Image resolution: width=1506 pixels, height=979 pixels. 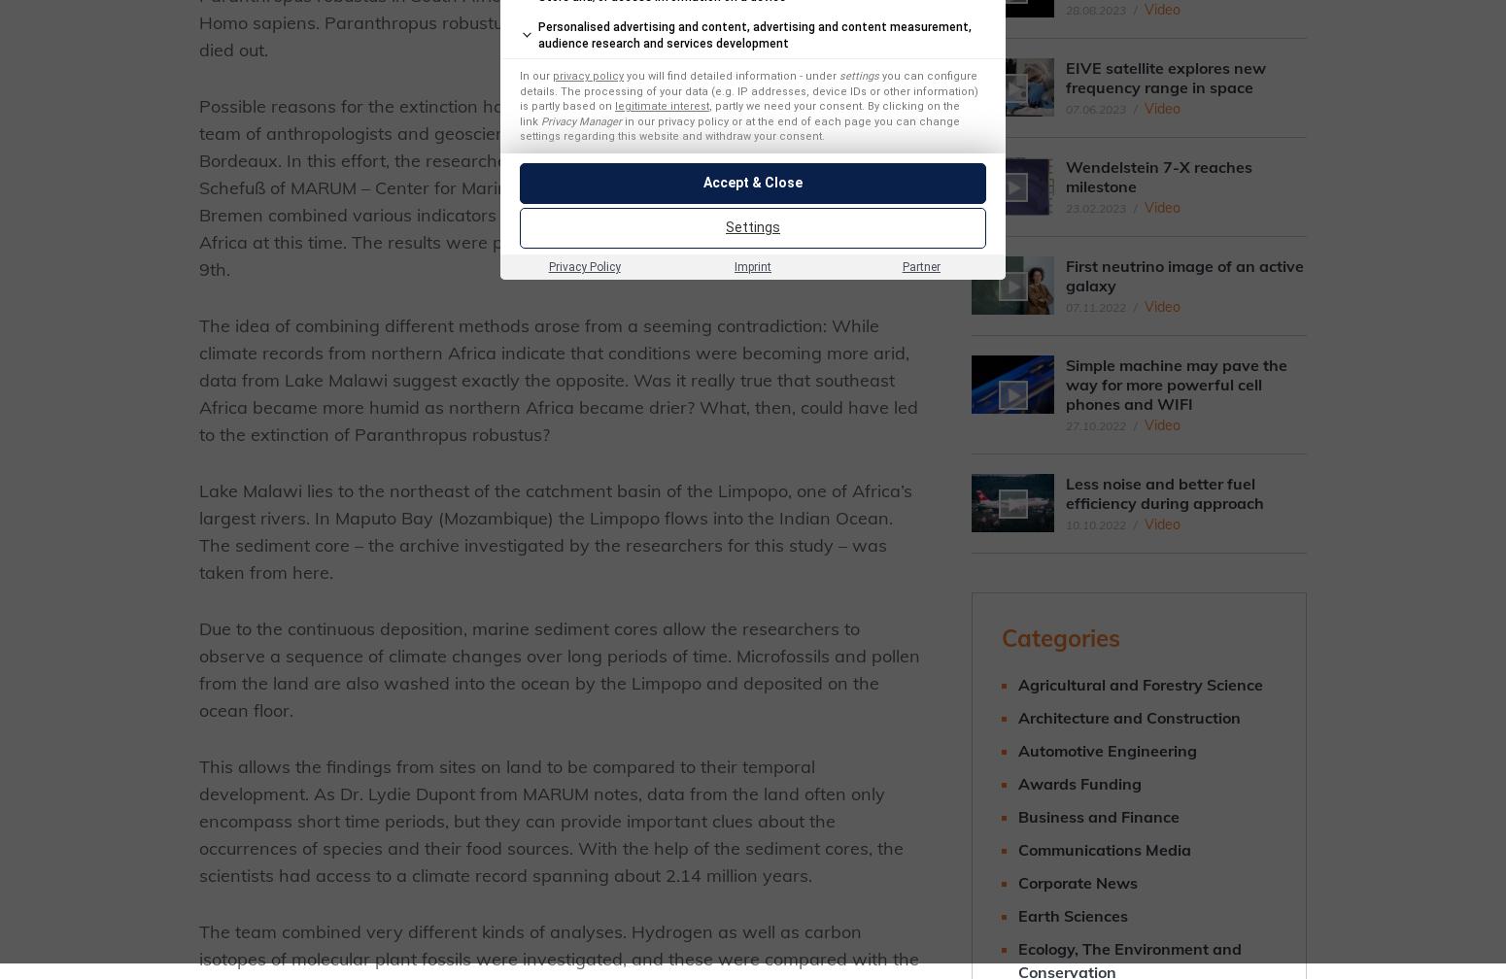 What do you see at coordinates (1128, 717) in the screenshot?
I see `'Architecture and Construction'` at bounding box center [1128, 717].